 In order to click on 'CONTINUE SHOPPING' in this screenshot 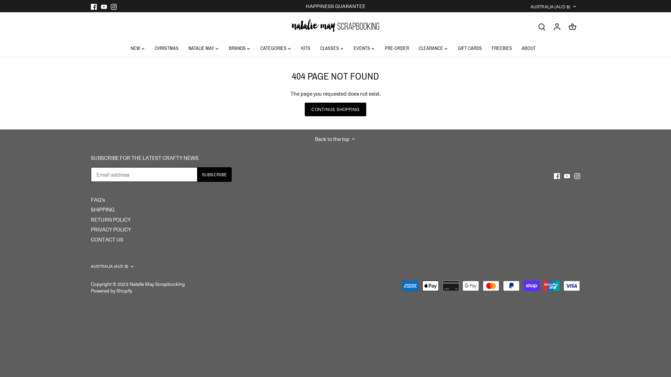, I will do `click(305, 109)`.